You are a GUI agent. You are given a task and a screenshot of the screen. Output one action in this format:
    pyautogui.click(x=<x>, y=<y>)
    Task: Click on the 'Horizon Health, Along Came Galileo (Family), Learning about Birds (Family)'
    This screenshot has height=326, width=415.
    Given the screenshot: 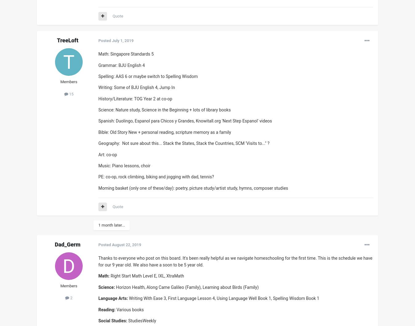 What is the action you would take?
    pyautogui.click(x=187, y=286)
    